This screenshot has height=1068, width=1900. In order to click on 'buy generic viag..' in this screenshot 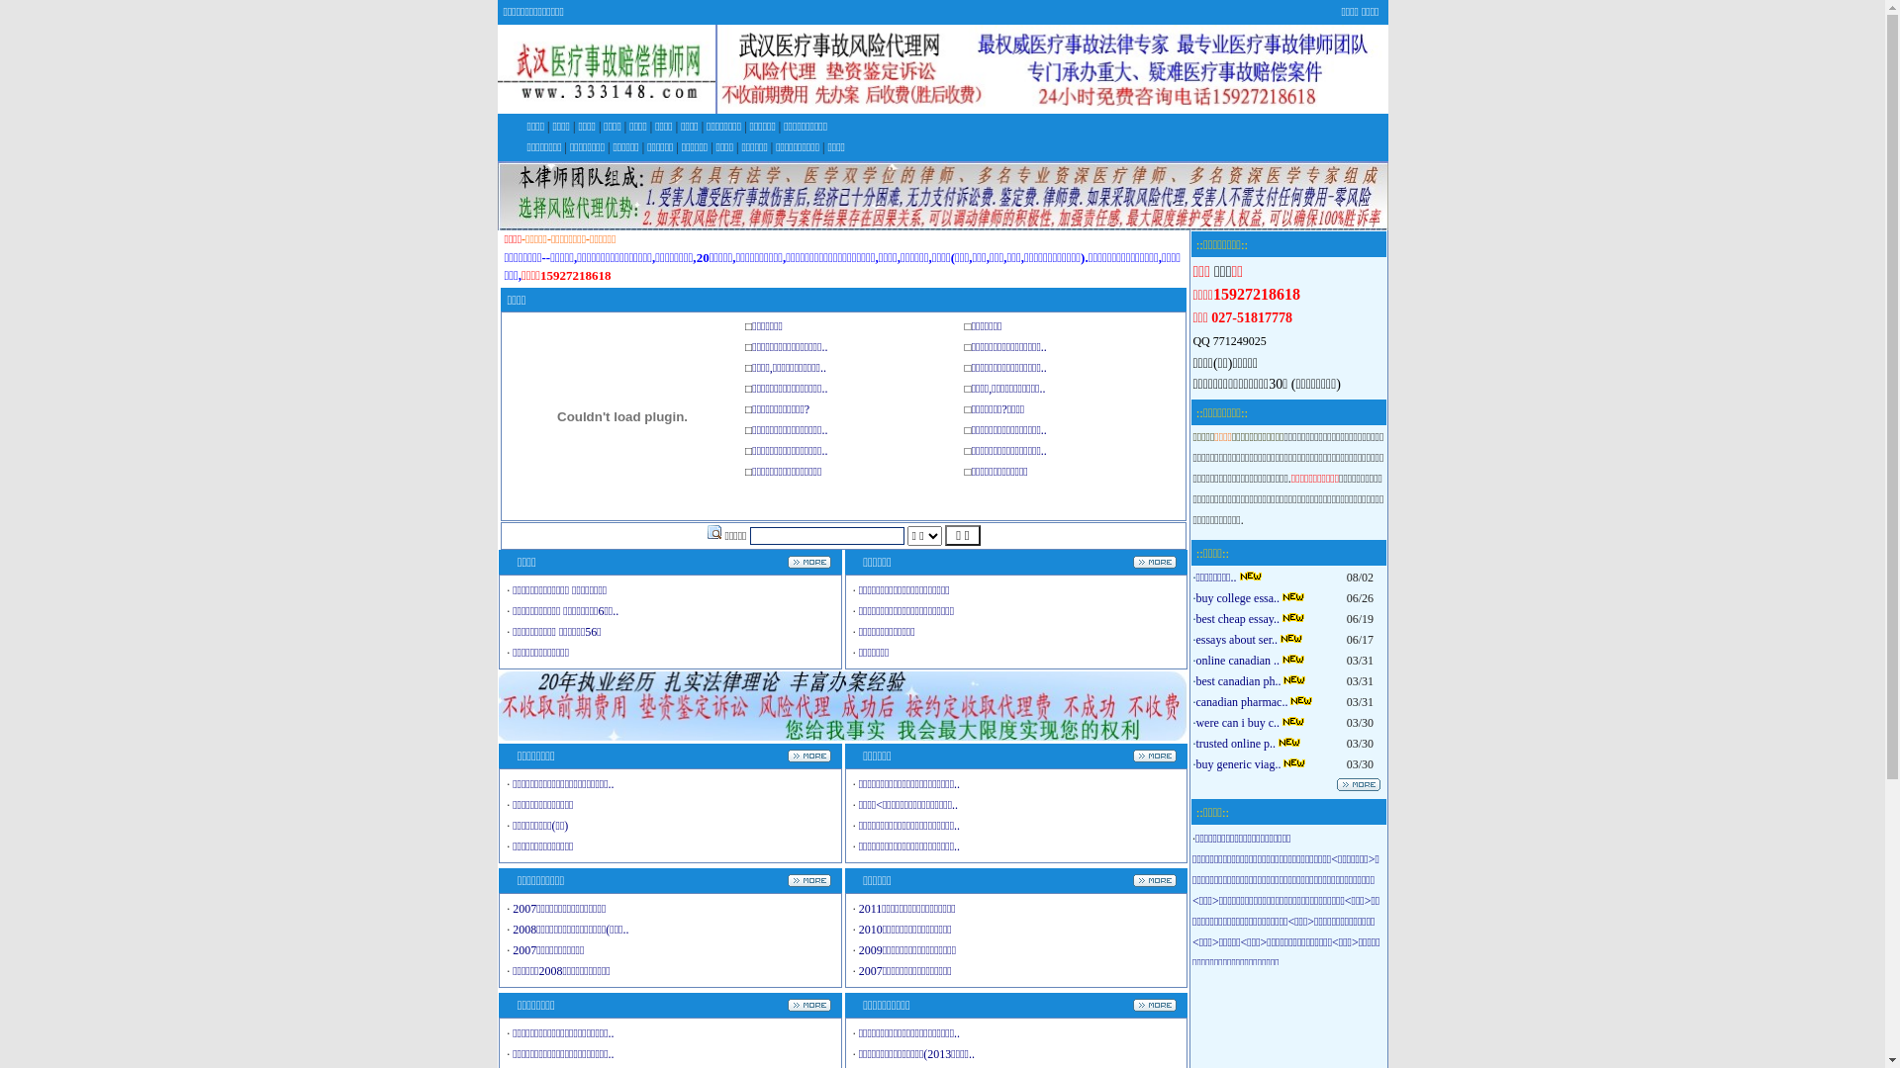, I will do `click(1237, 762)`.